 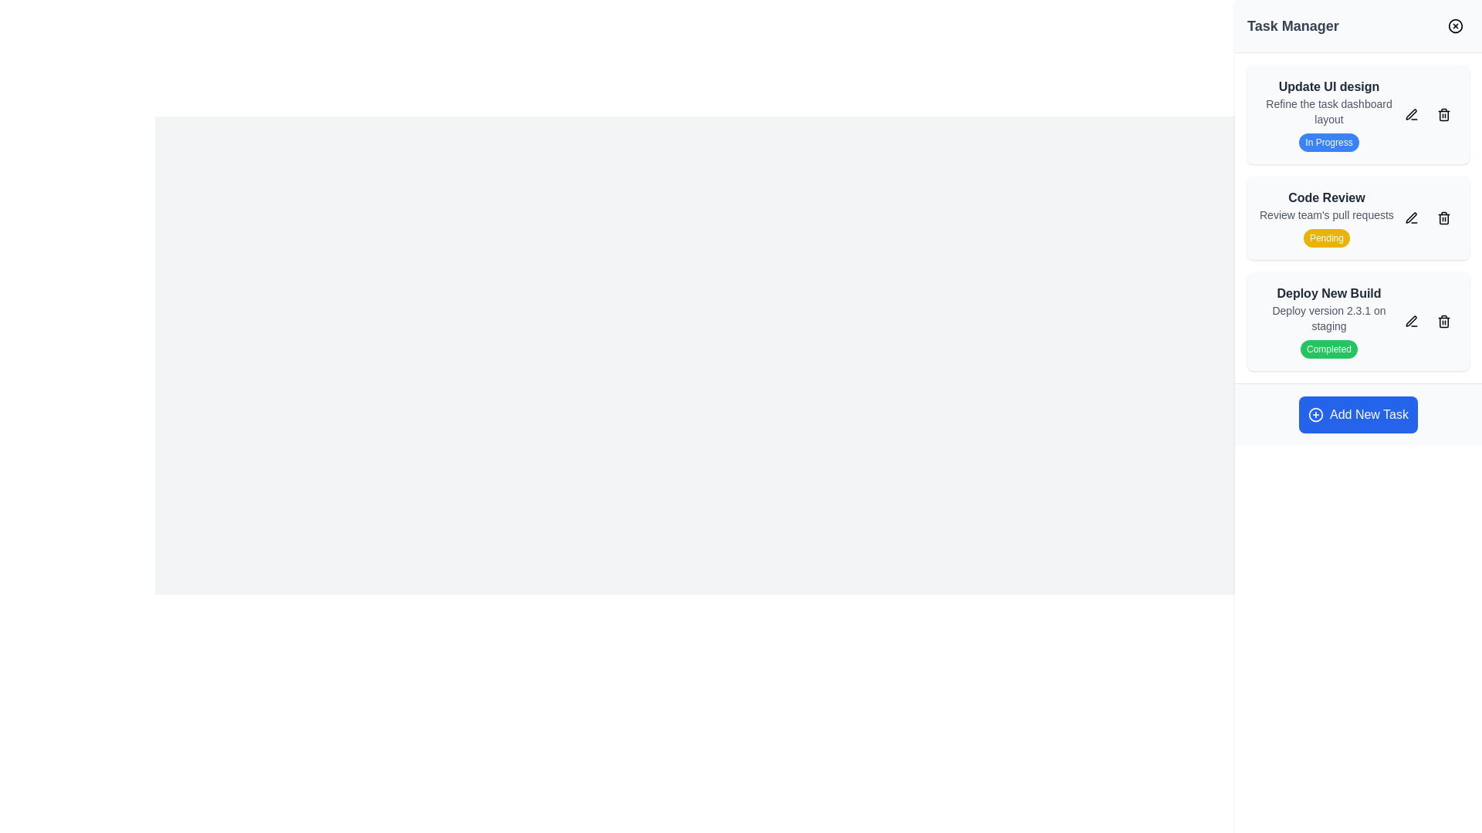 What do you see at coordinates (1411, 114) in the screenshot?
I see `the pen icon button, which is styled with a thin outline and placed in the upper-right side of the 'Update UI design' task card` at bounding box center [1411, 114].